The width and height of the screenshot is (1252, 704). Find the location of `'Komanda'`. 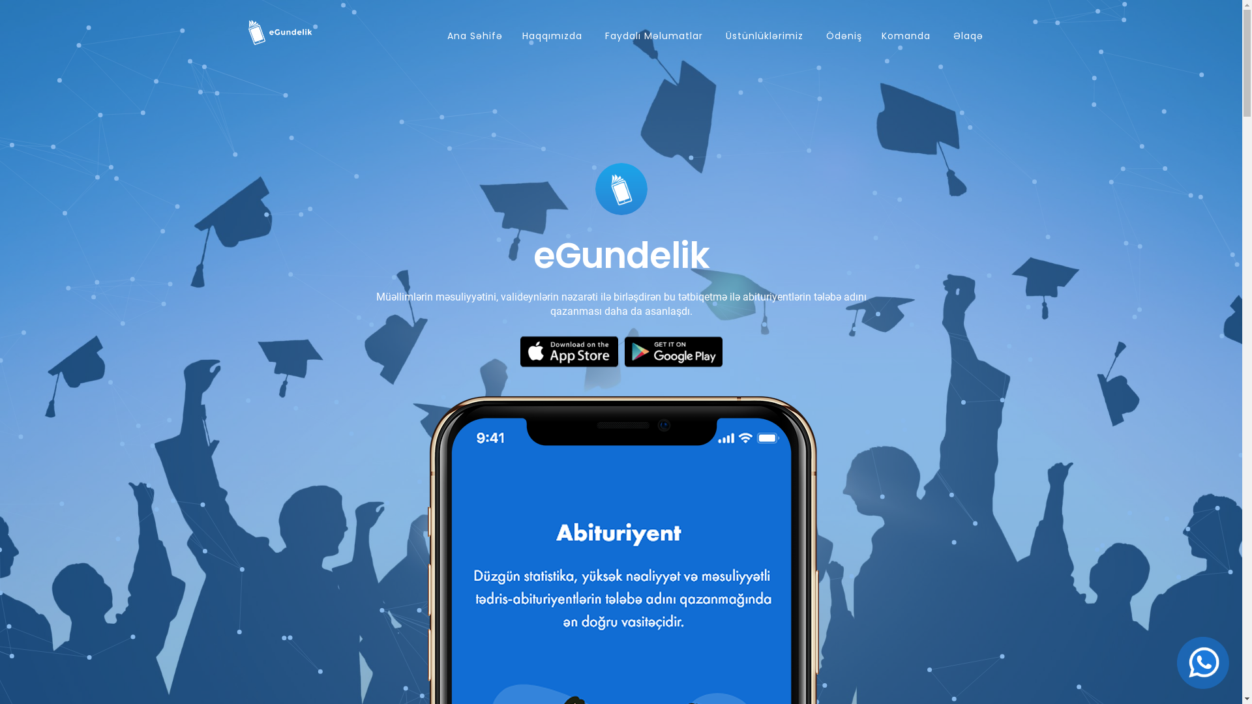

'Komanda' is located at coordinates (871, 35).